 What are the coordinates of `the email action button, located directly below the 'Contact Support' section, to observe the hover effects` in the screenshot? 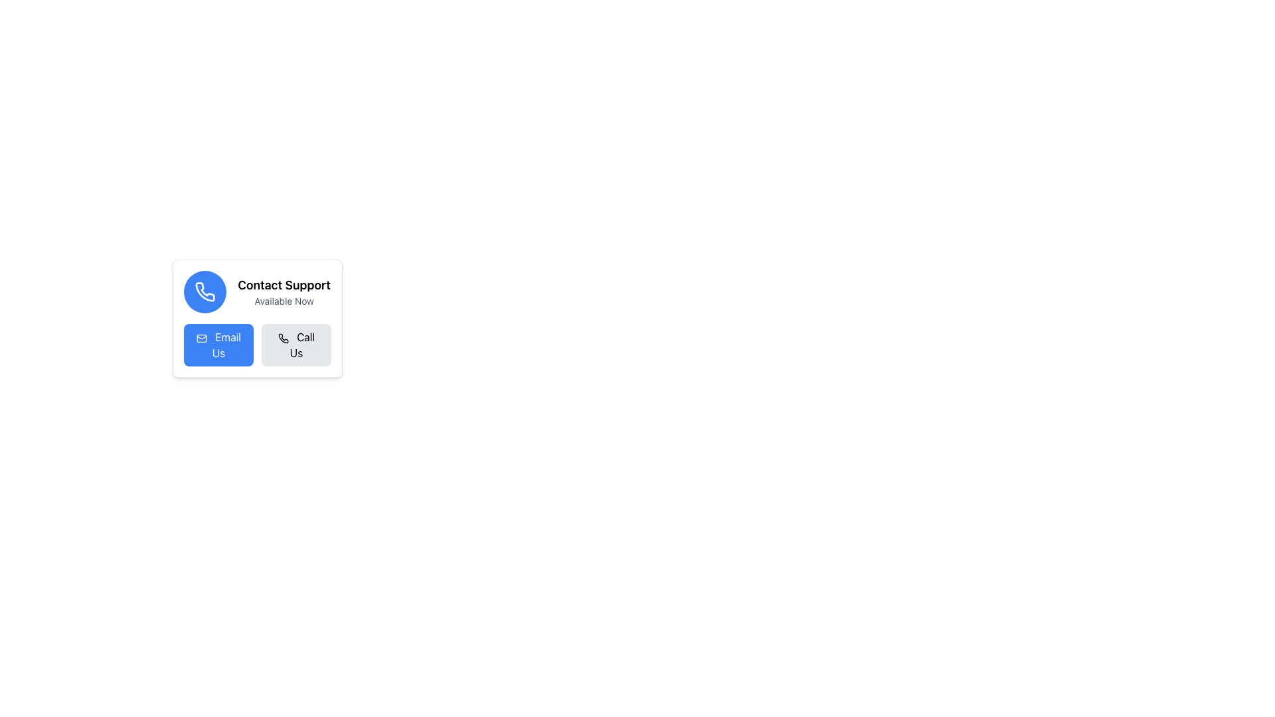 It's located at (218, 345).